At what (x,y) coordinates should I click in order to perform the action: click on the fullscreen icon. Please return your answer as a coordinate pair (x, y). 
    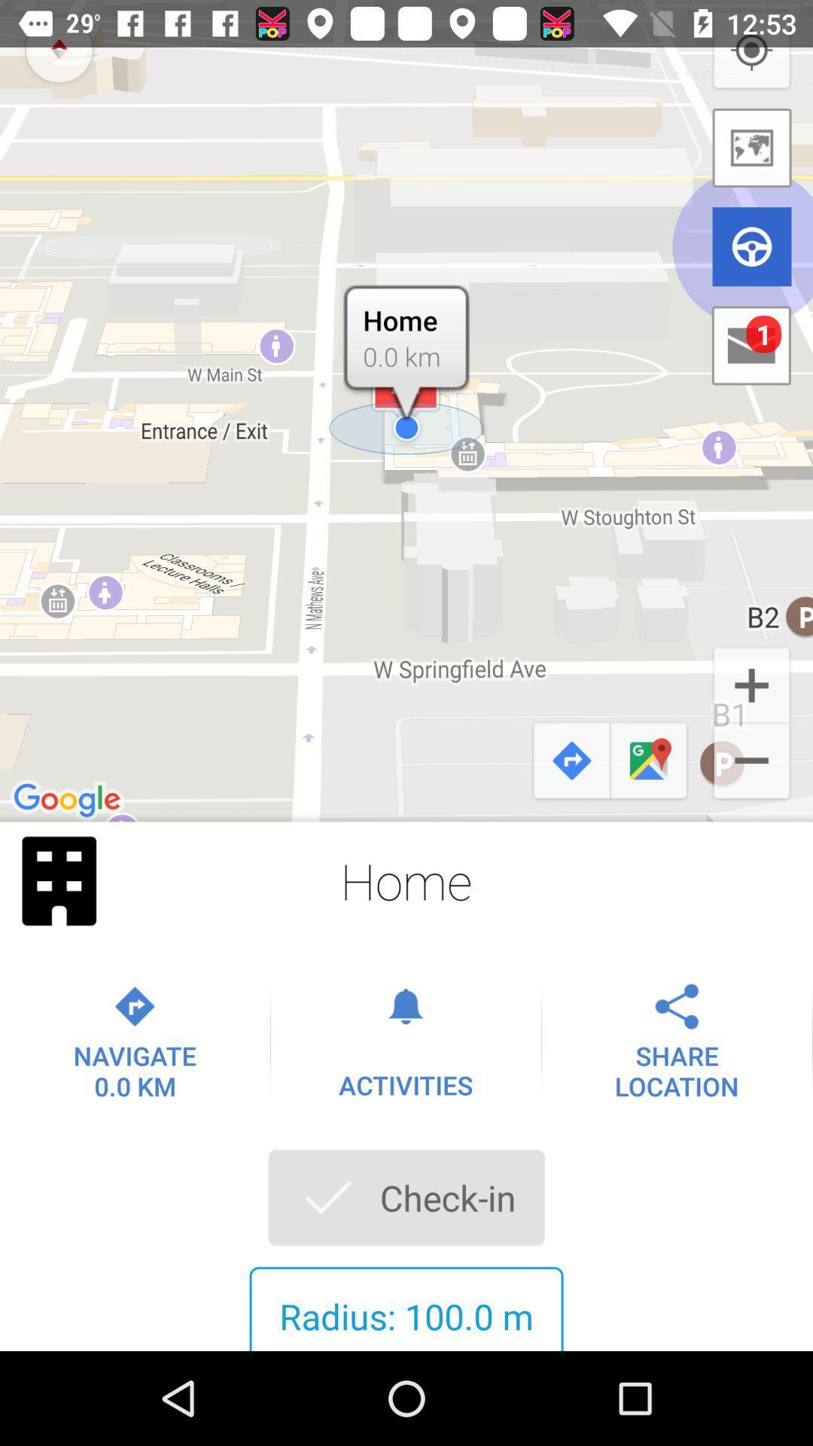
    Looking at the image, I should click on (58, 881).